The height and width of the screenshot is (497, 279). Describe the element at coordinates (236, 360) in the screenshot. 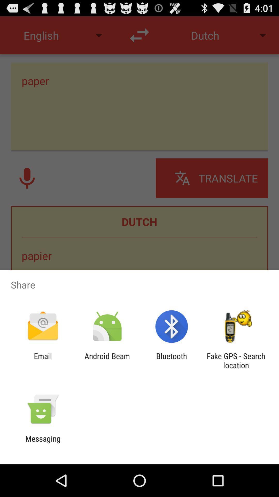

I see `fake gps search` at that location.